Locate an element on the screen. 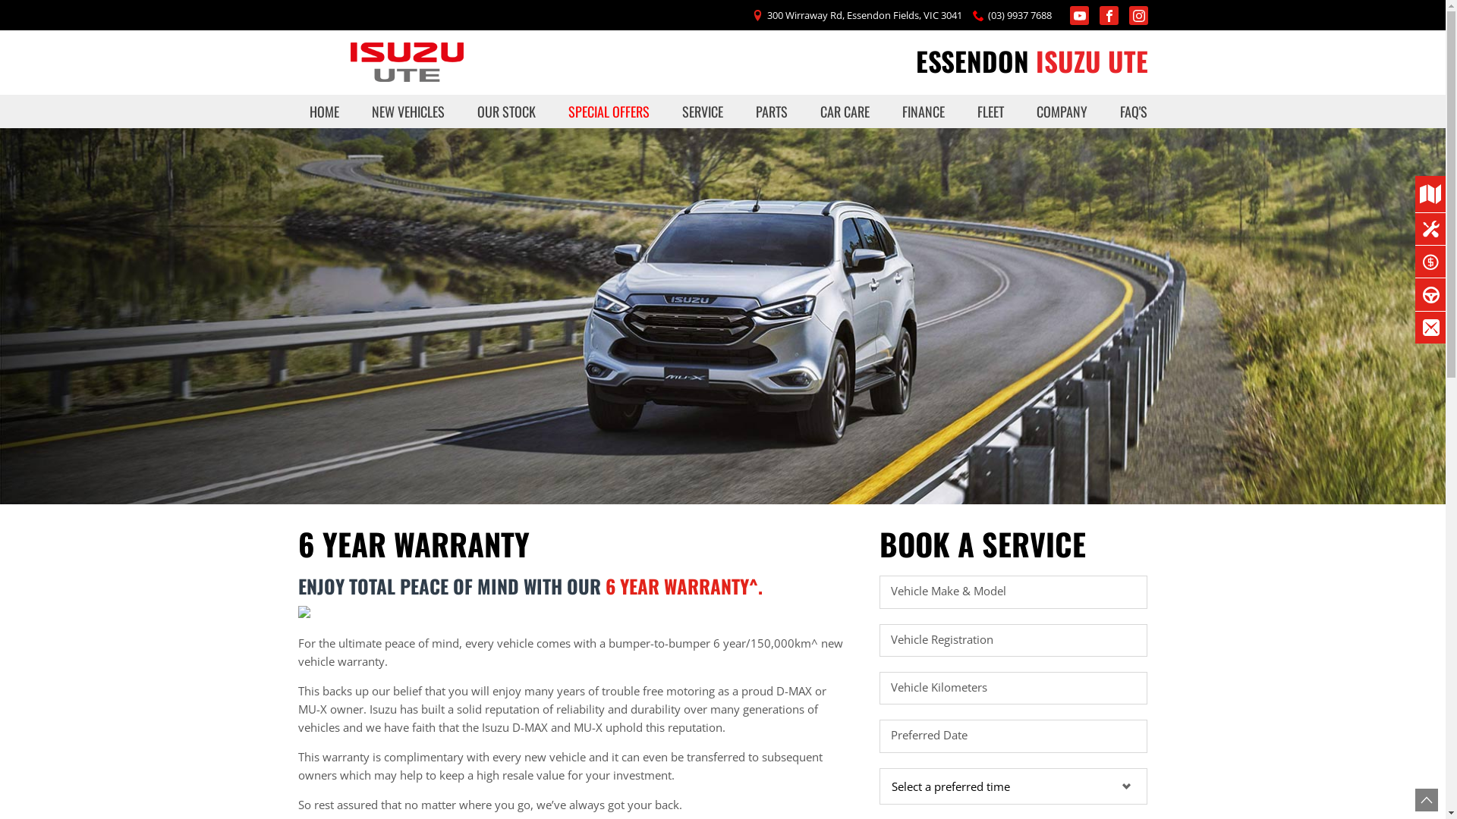 The height and width of the screenshot is (819, 1457). 'PARTS' is located at coordinates (772, 110).